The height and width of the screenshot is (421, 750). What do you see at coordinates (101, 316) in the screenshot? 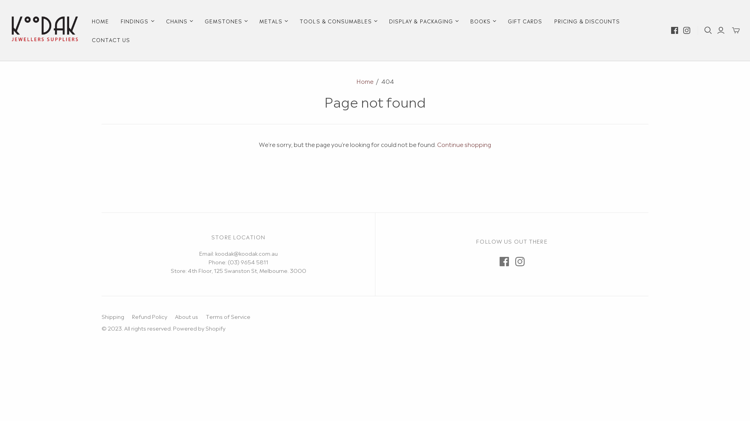
I see `'Shipping'` at bounding box center [101, 316].